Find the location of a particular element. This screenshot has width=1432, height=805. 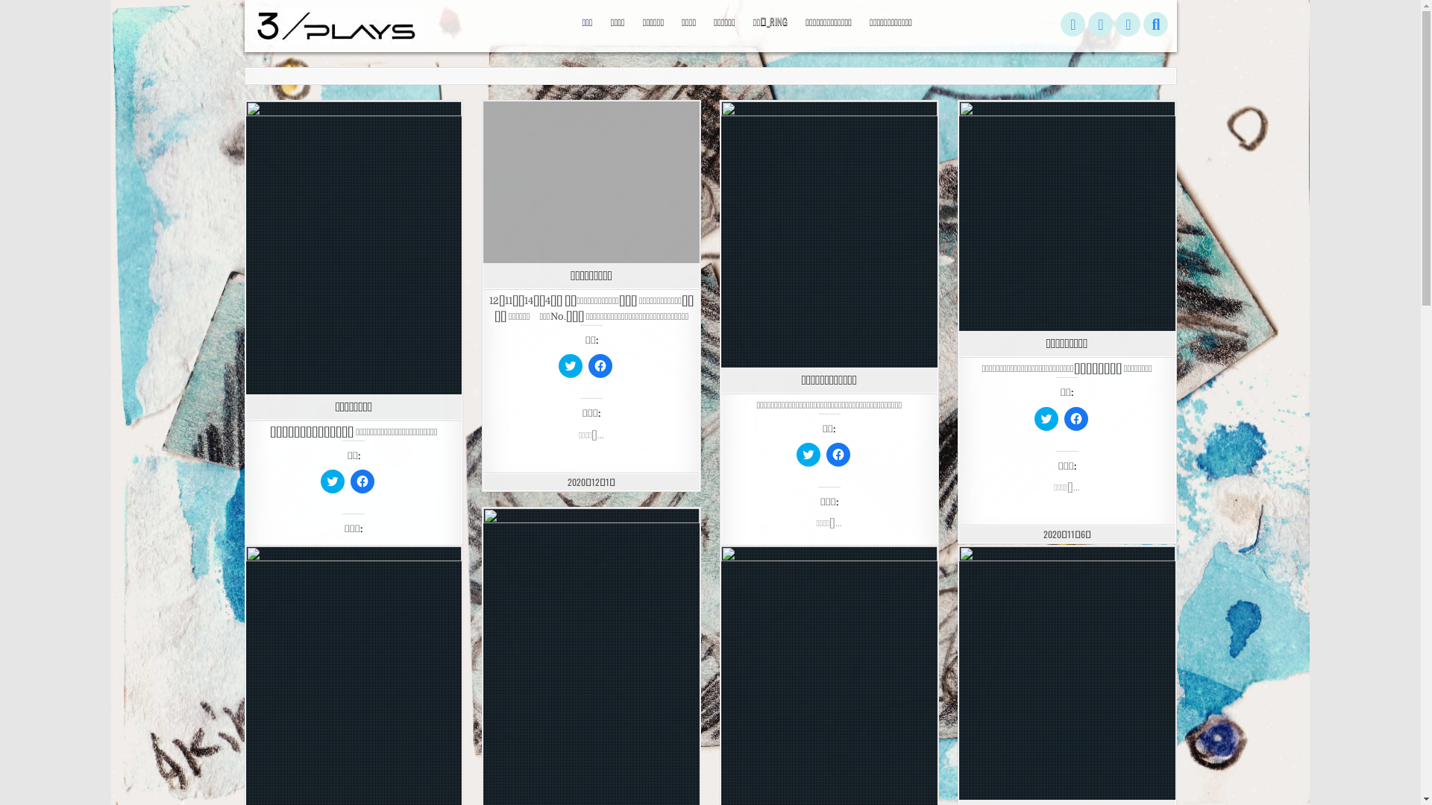

'Twitter' is located at coordinates (1072, 25).